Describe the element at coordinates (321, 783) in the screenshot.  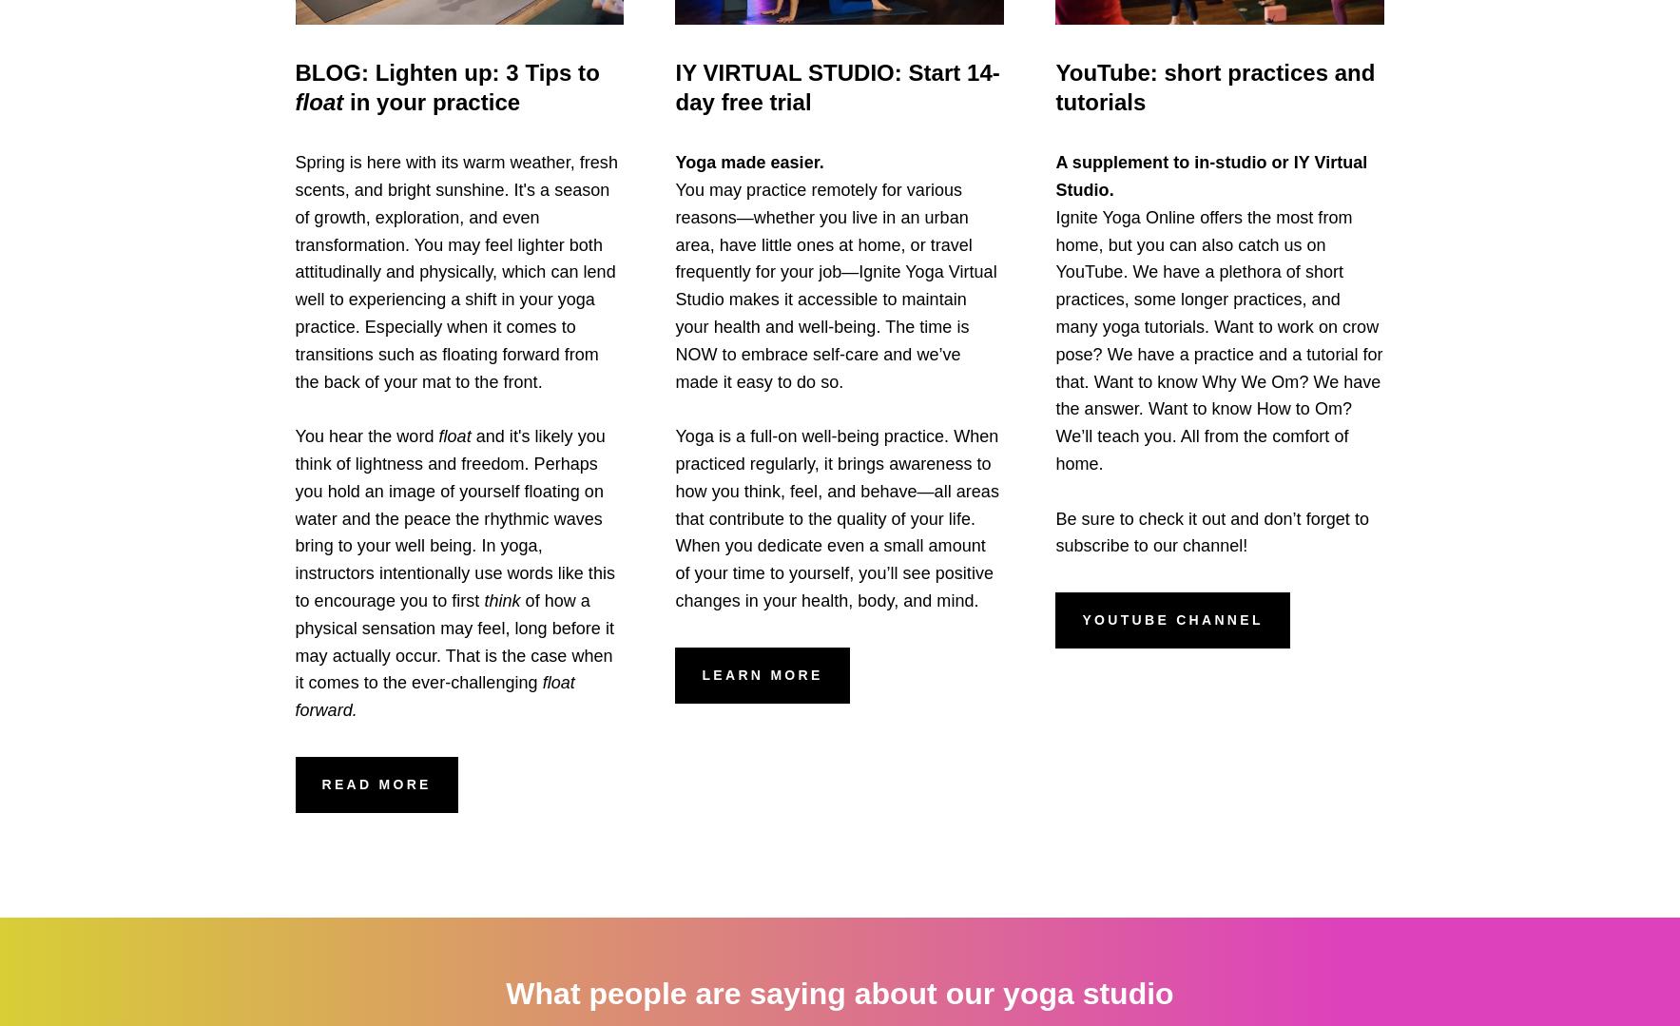
I see `'read more'` at that location.